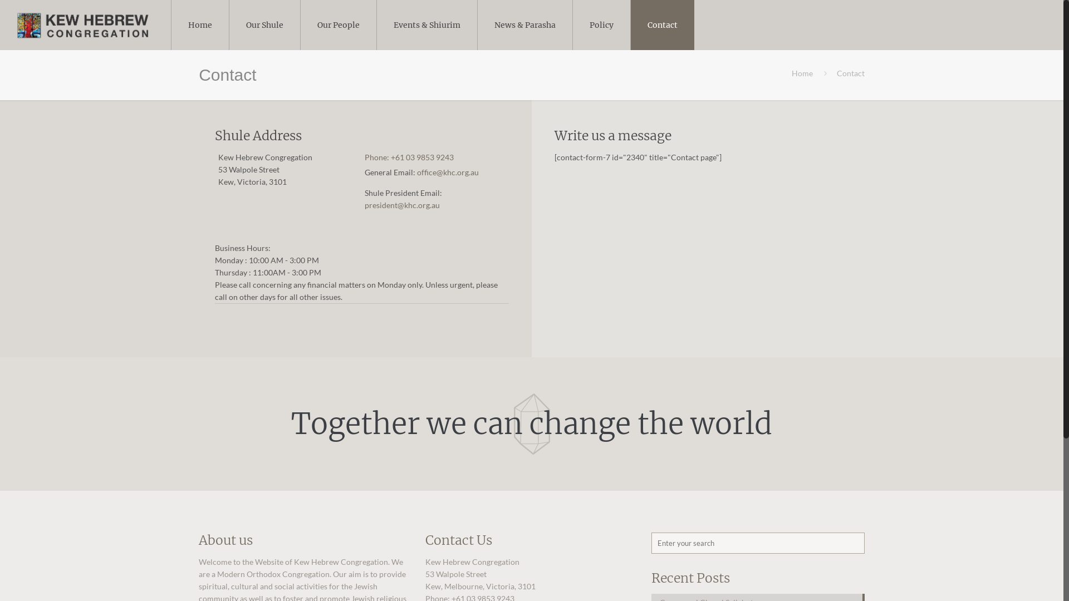  I want to click on 'Our People', so click(338, 25).